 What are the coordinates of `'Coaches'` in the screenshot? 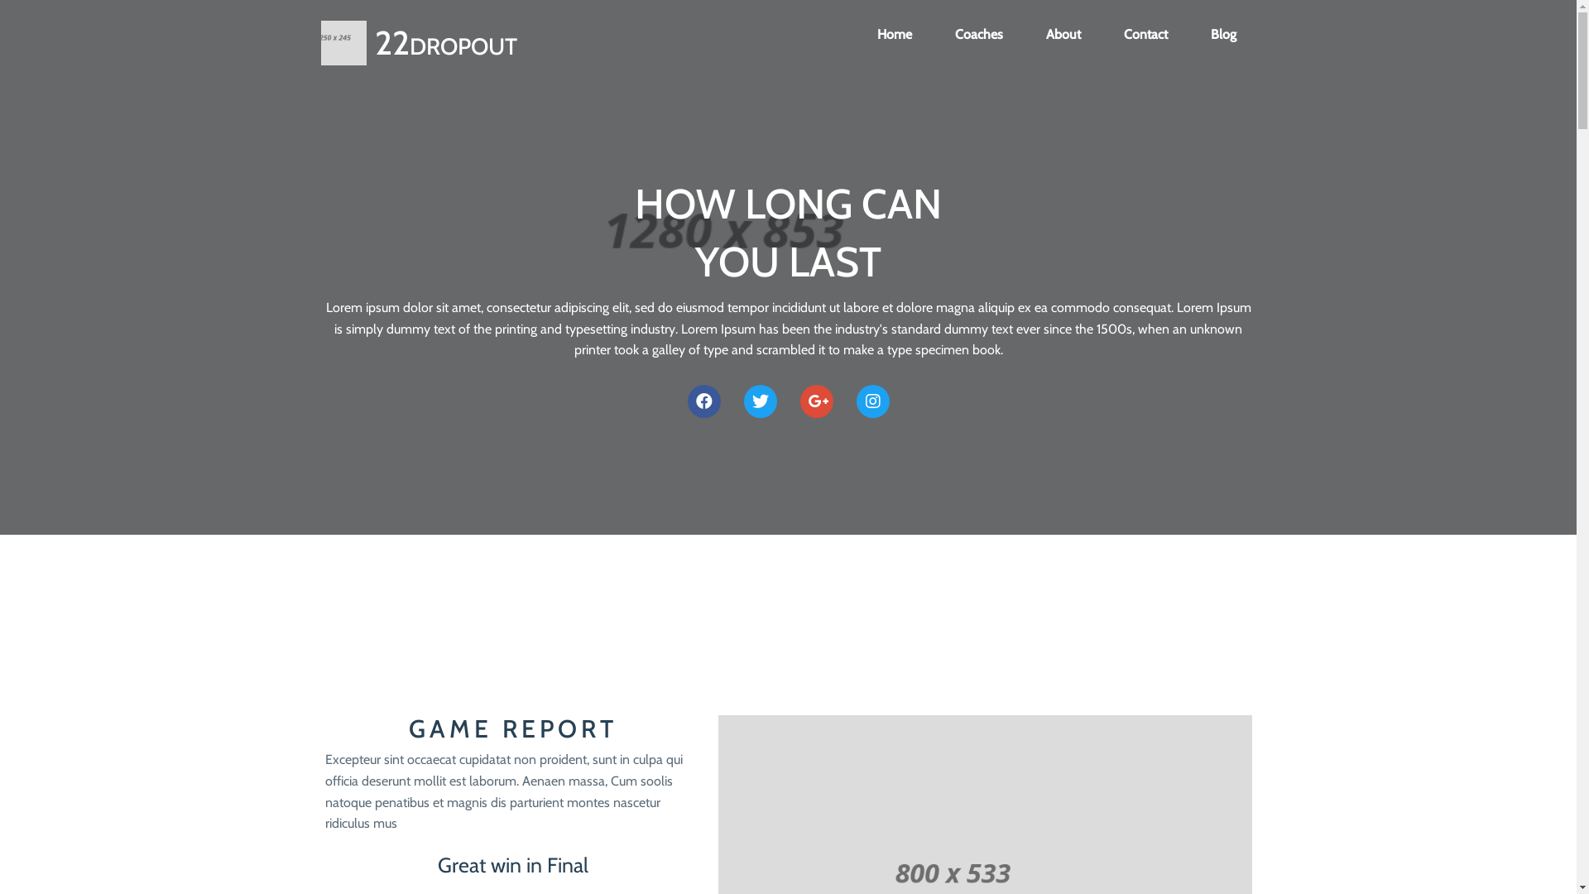 It's located at (978, 35).